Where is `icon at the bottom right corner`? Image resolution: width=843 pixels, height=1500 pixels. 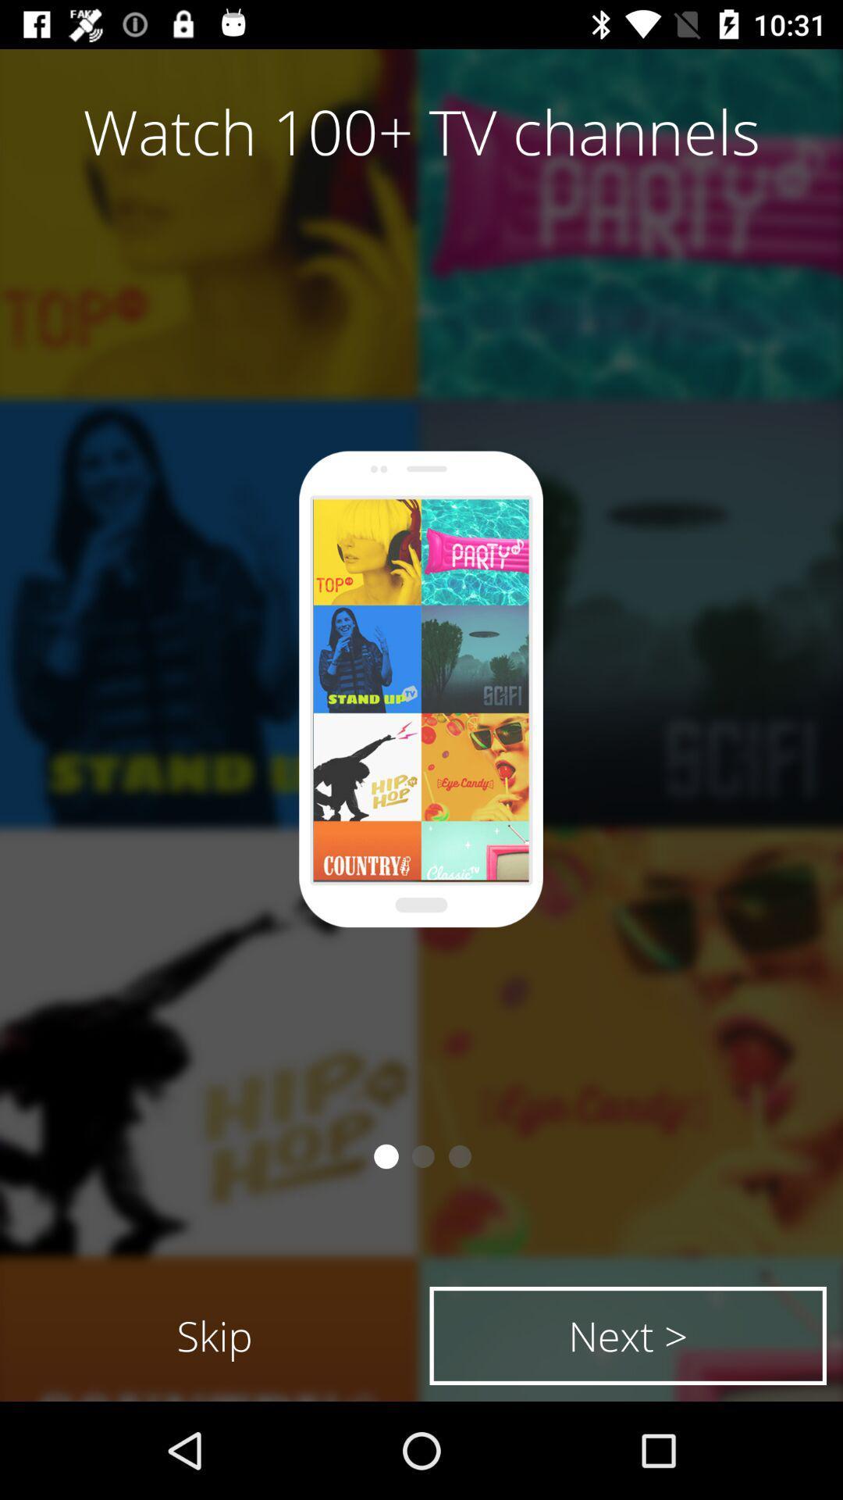
icon at the bottom right corner is located at coordinates (627, 1334).